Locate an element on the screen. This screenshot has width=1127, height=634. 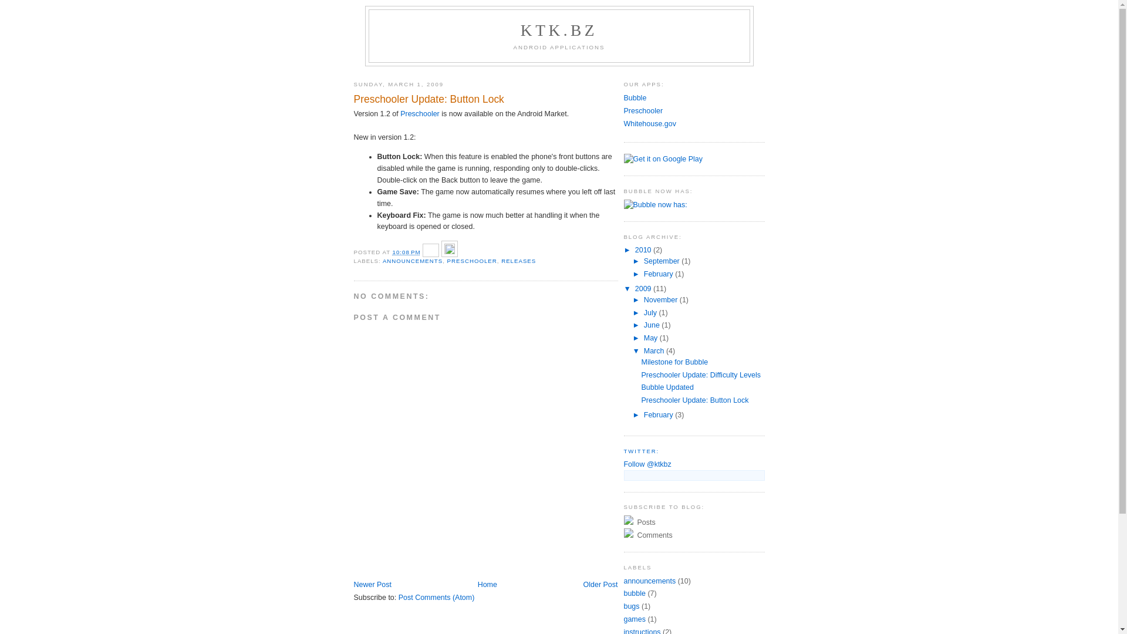
'2009' is located at coordinates (643, 289).